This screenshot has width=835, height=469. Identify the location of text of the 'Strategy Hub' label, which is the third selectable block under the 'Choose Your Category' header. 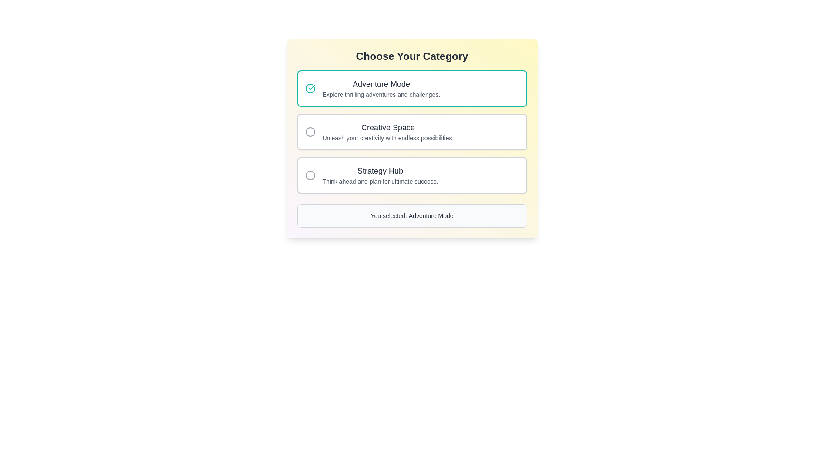
(380, 175).